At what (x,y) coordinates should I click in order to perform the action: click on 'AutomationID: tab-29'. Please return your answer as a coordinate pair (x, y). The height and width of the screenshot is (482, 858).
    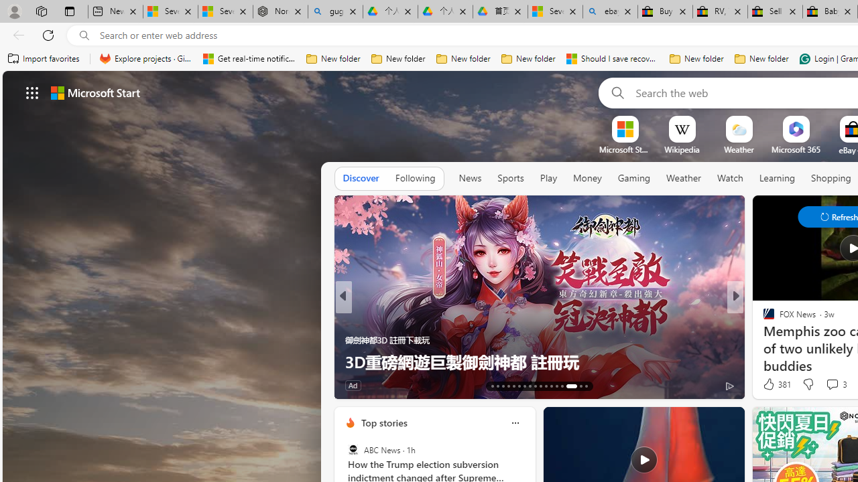
    Looking at the image, I should click on (586, 386).